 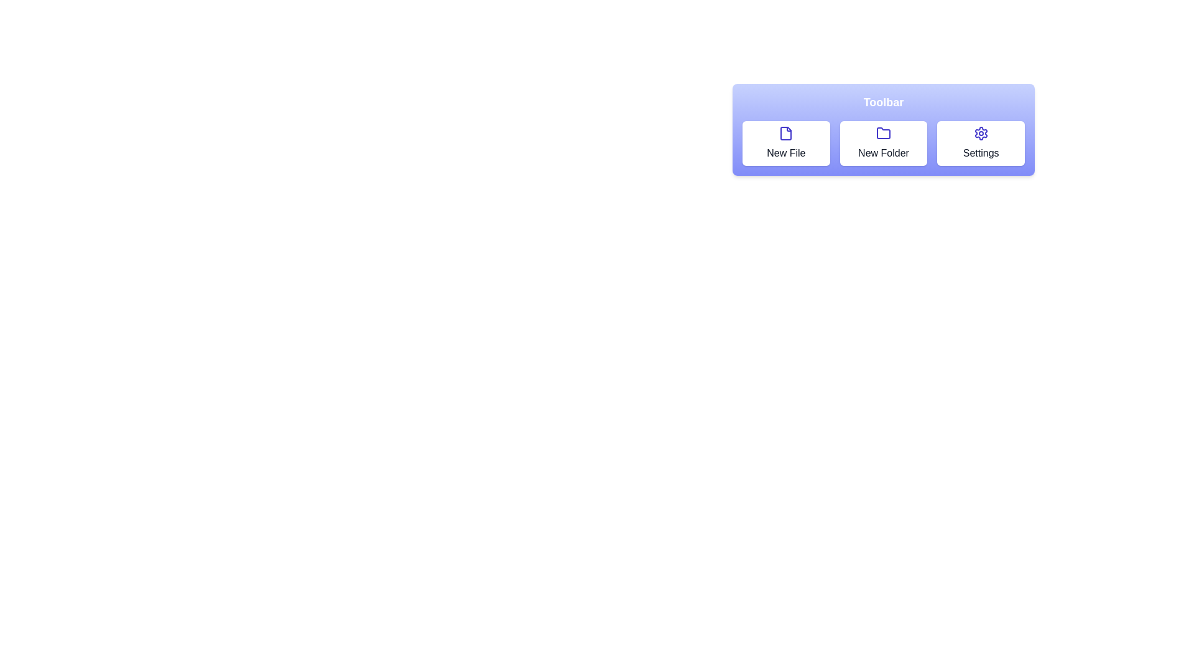 What do you see at coordinates (980, 152) in the screenshot?
I see `text label located beneath the gear icon in the toolbar, which indicates the purpose of the associated settings button` at bounding box center [980, 152].